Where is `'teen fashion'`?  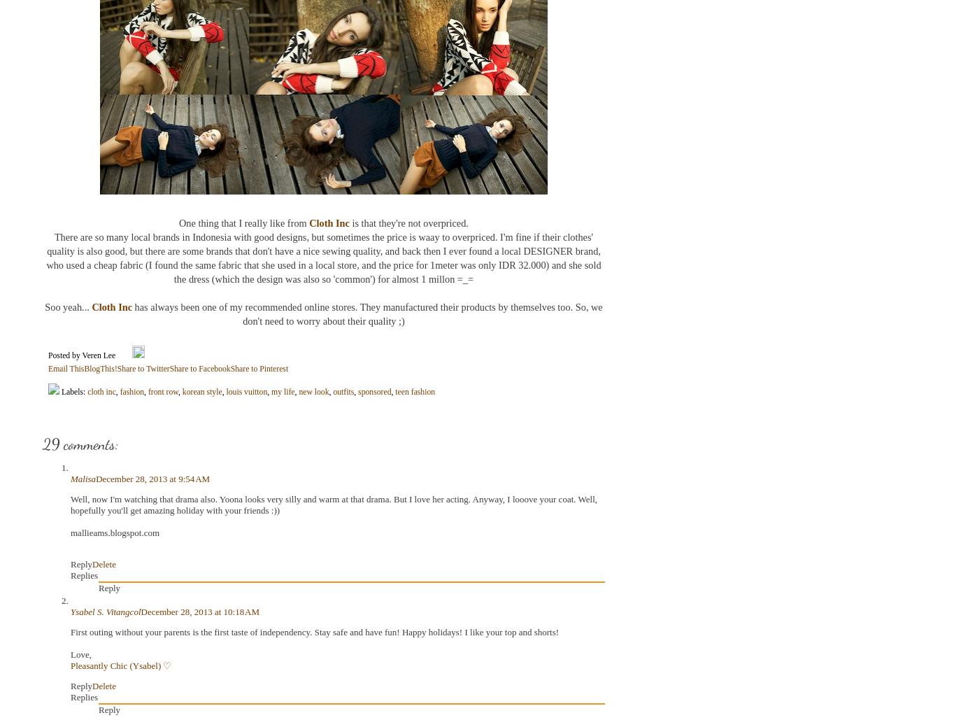 'teen fashion' is located at coordinates (394, 390).